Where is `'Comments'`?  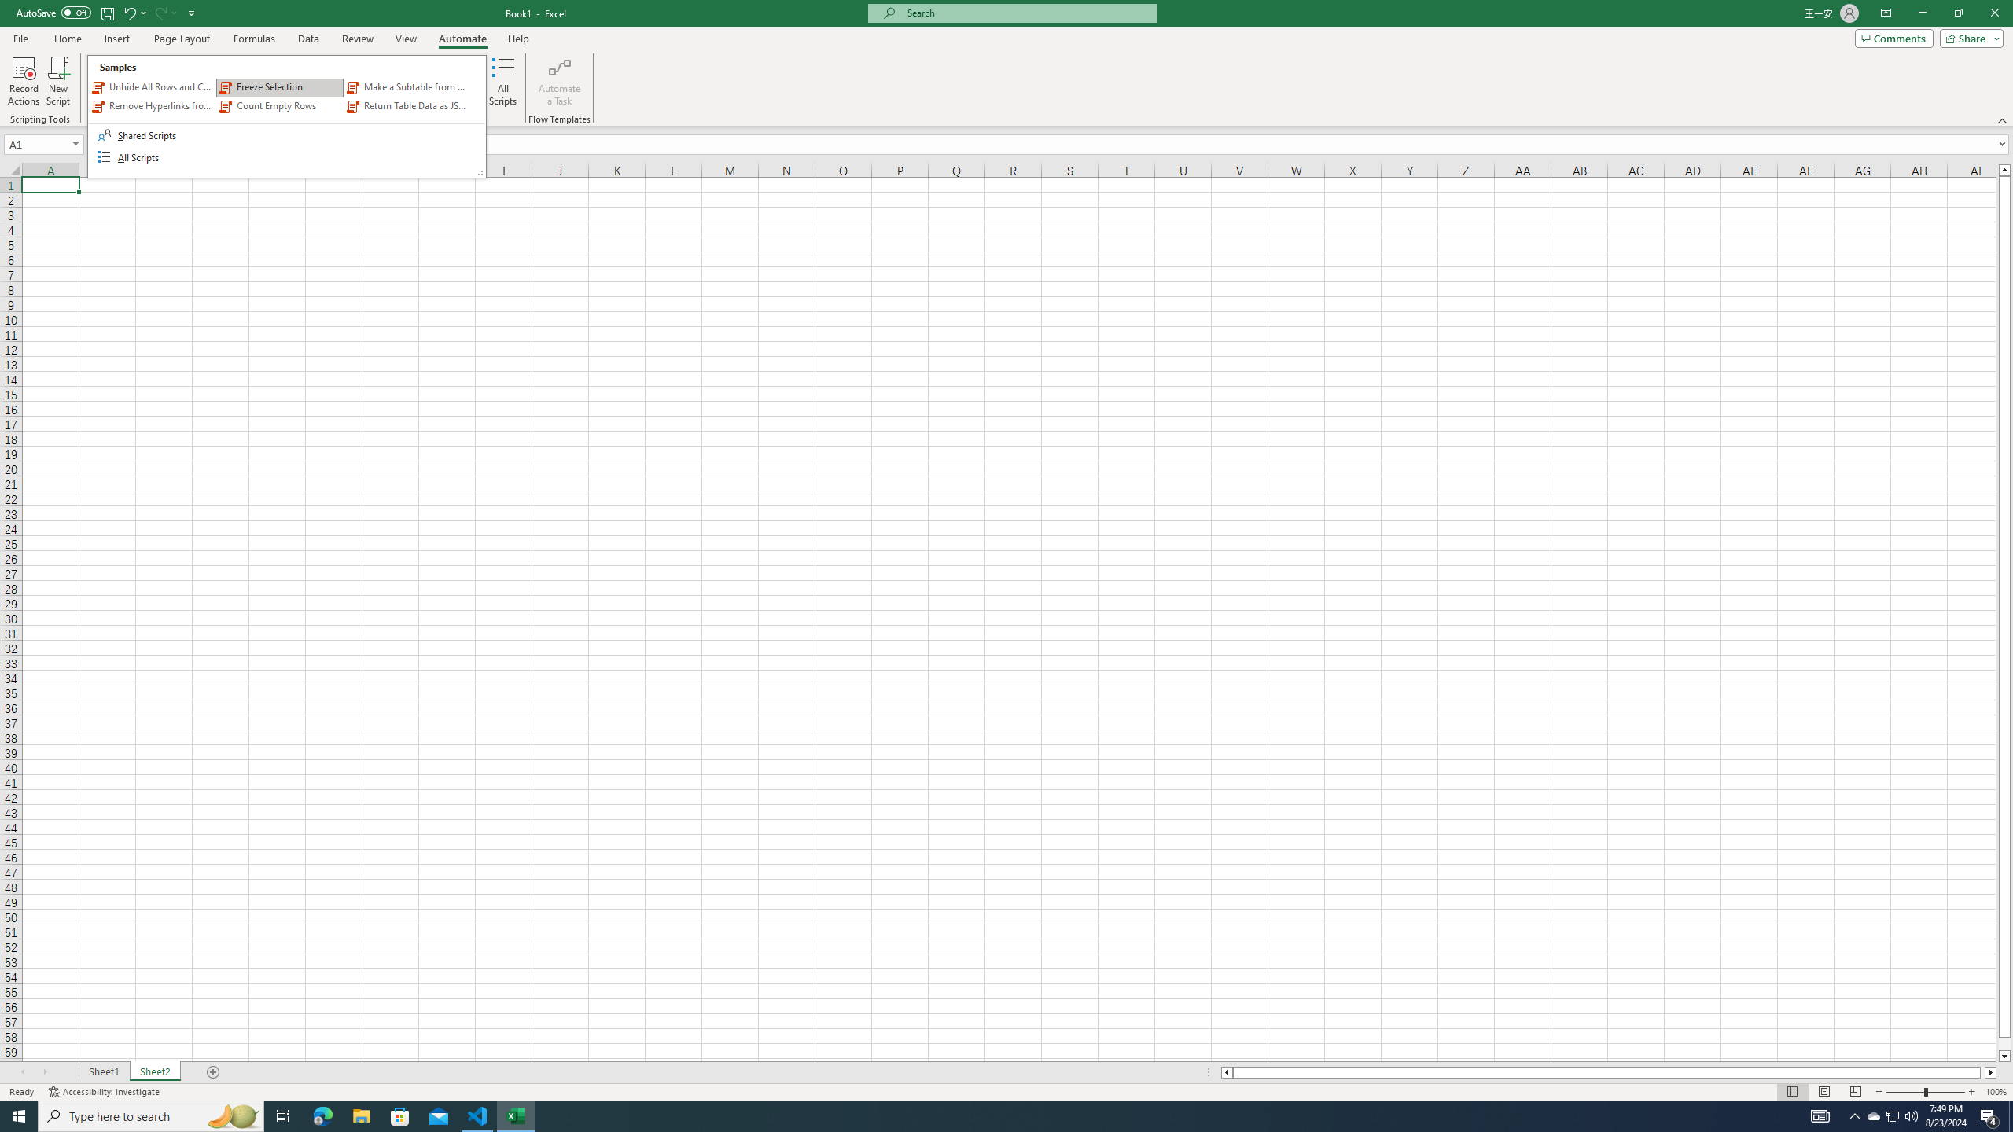 'Comments' is located at coordinates (1893, 37).